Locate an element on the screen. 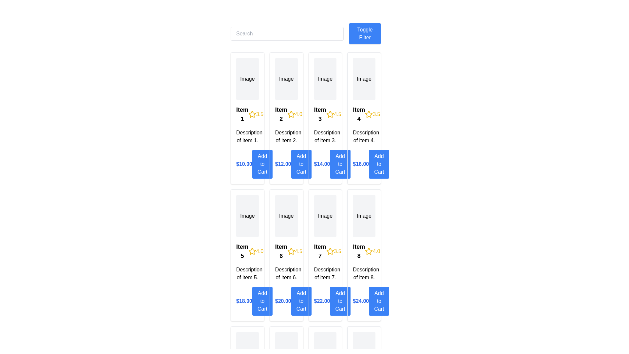 This screenshot has width=629, height=354. text from the Text and icon grouping element located in the second row of items, which is situated beneath the gray placeholder image and above the description text and pricing details is located at coordinates (286, 251).